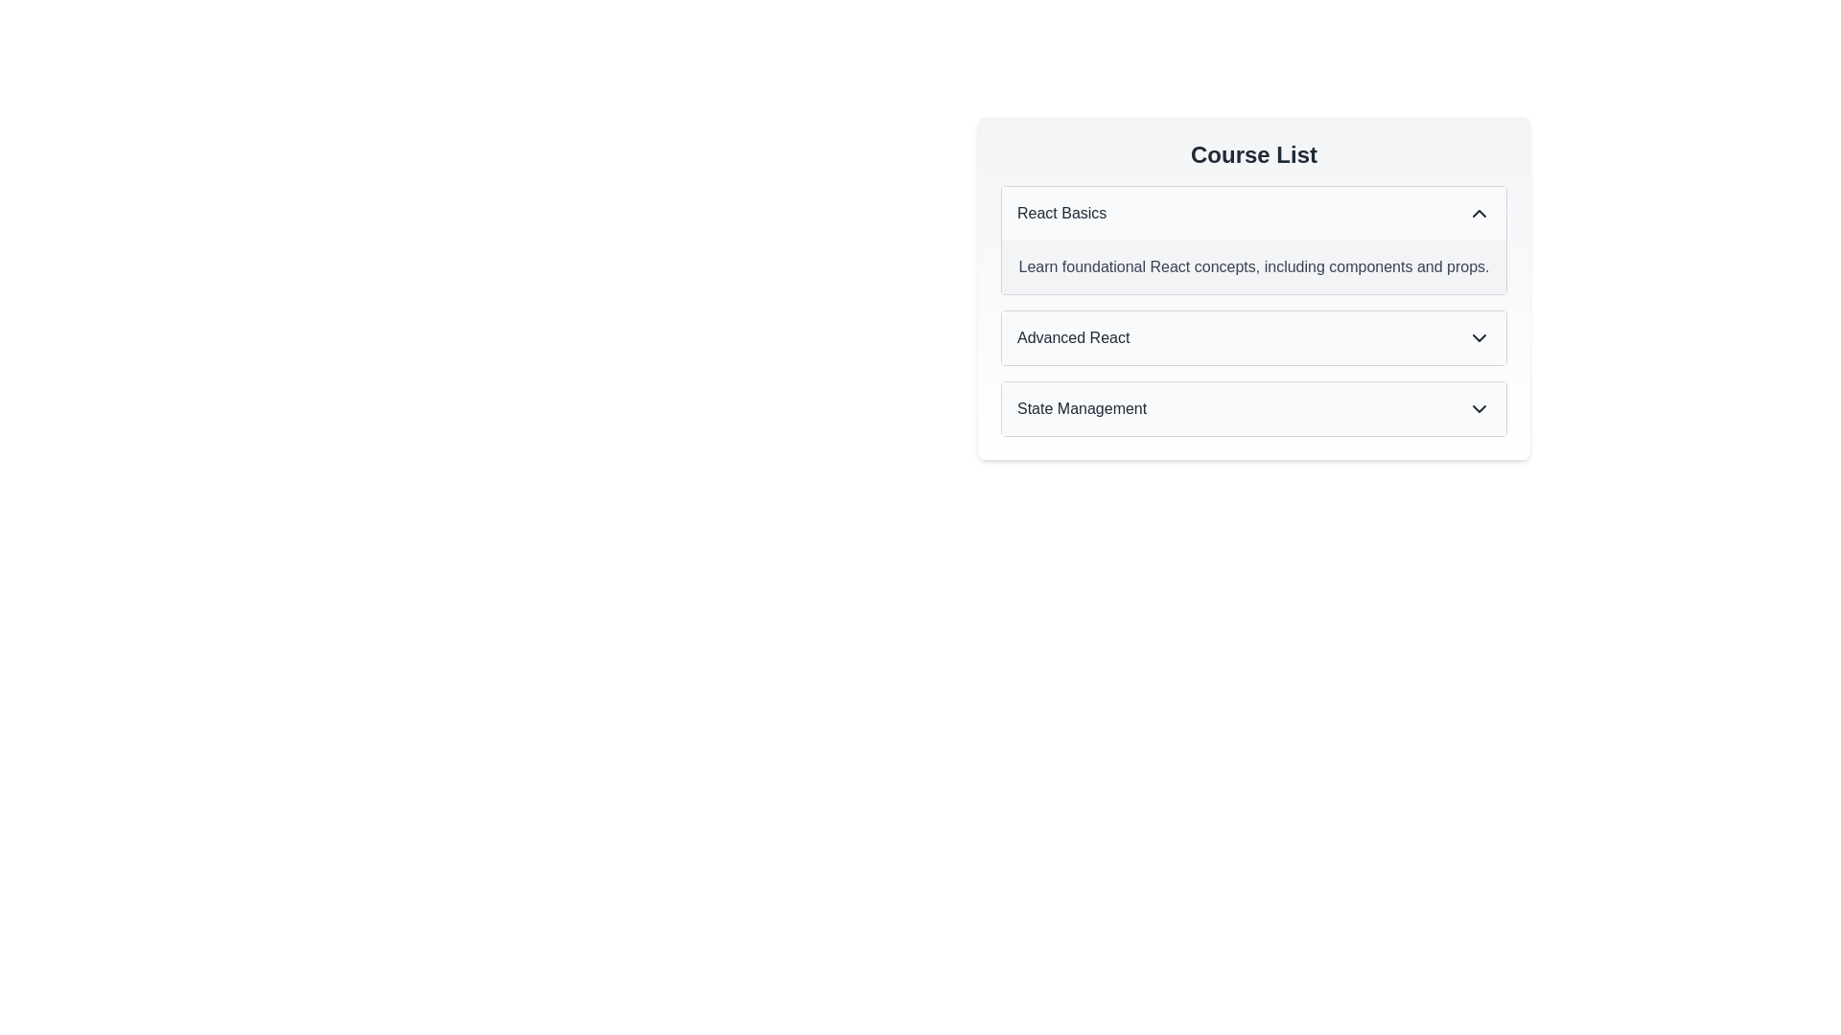 The height and width of the screenshot is (1035, 1841). What do you see at coordinates (1254, 266) in the screenshot?
I see `the descriptive text block for the 'React Basics' course located in the 'Course List' panel, positioned below the 'React Basics' heading` at bounding box center [1254, 266].